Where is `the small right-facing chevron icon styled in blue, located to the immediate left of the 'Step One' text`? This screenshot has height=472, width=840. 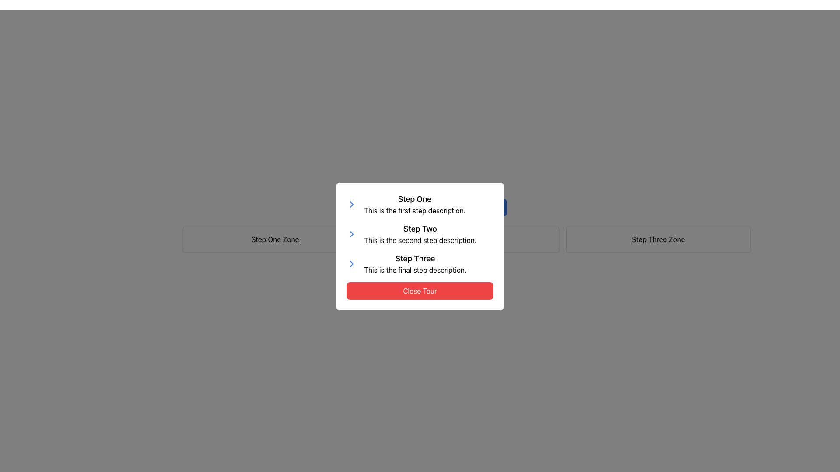
the small right-facing chevron icon styled in blue, located to the immediate left of the 'Step One' text is located at coordinates (352, 204).